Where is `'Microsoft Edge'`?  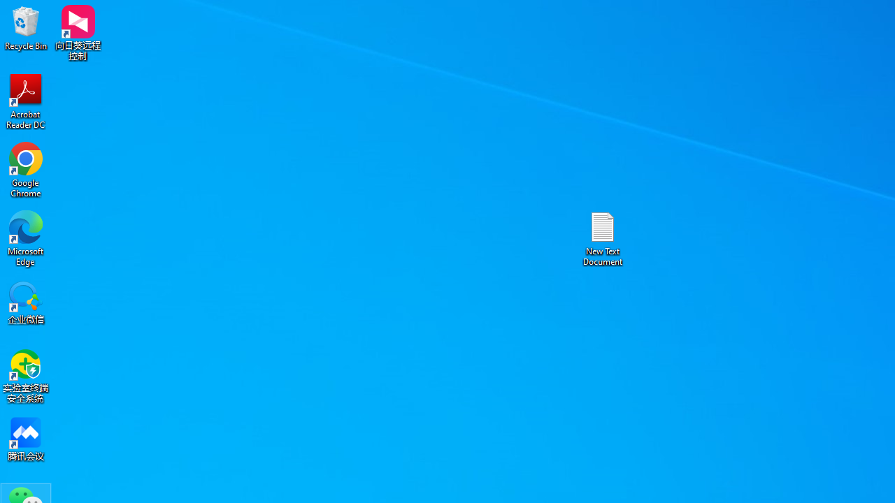
'Microsoft Edge' is located at coordinates (26, 238).